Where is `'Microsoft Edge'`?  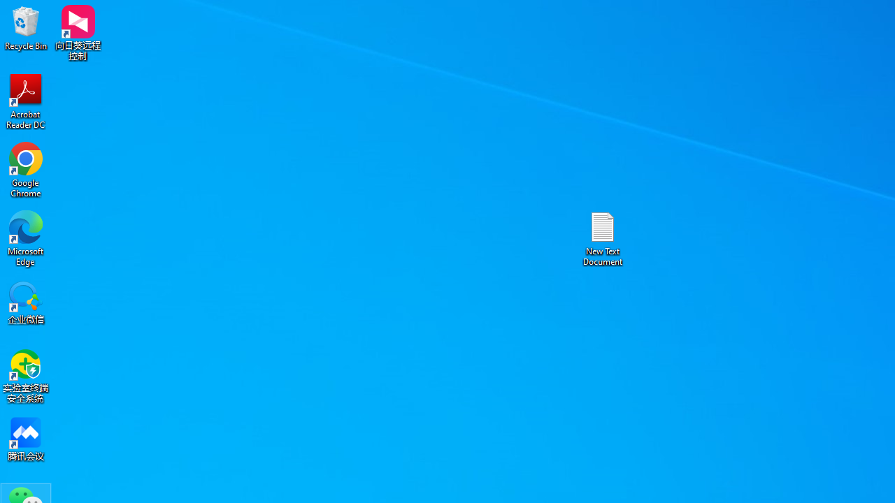
'Microsoft Edge' is located at coordinates (26, 238).